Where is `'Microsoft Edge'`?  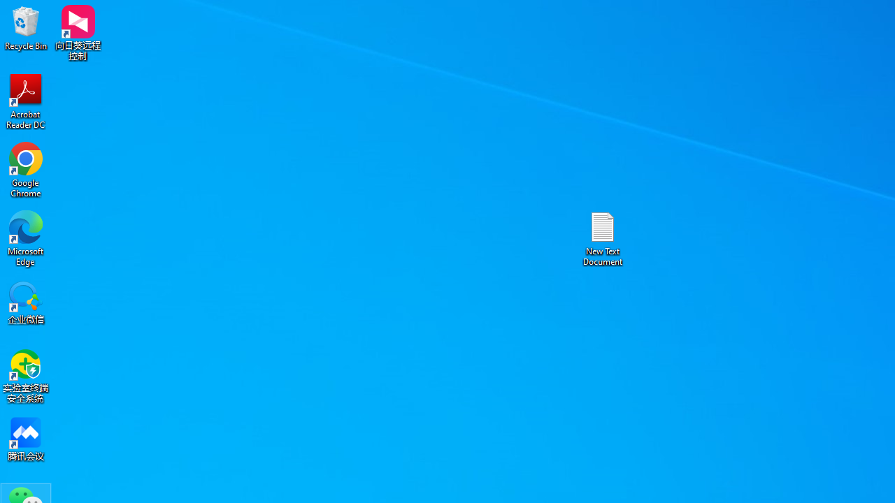
'Microsoft Edge' is located at coordinates (26, 238).